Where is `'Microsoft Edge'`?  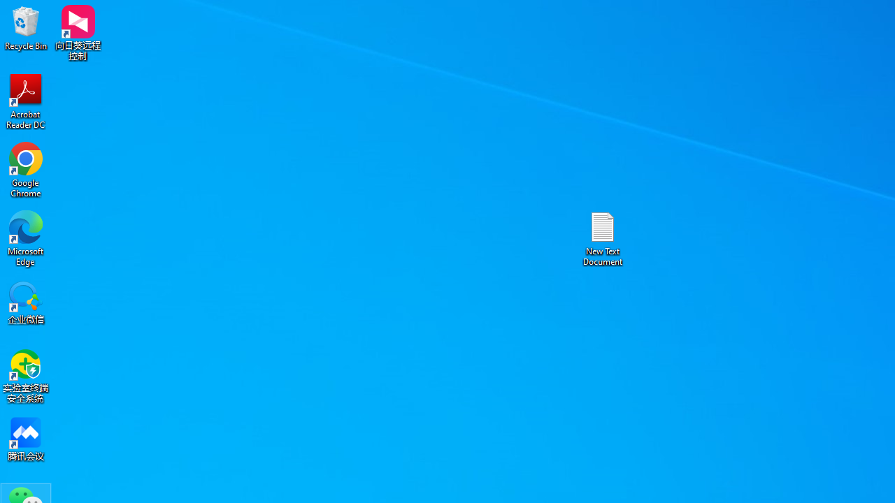
'Microsoft Edge' is located at coordinates (26, 238).